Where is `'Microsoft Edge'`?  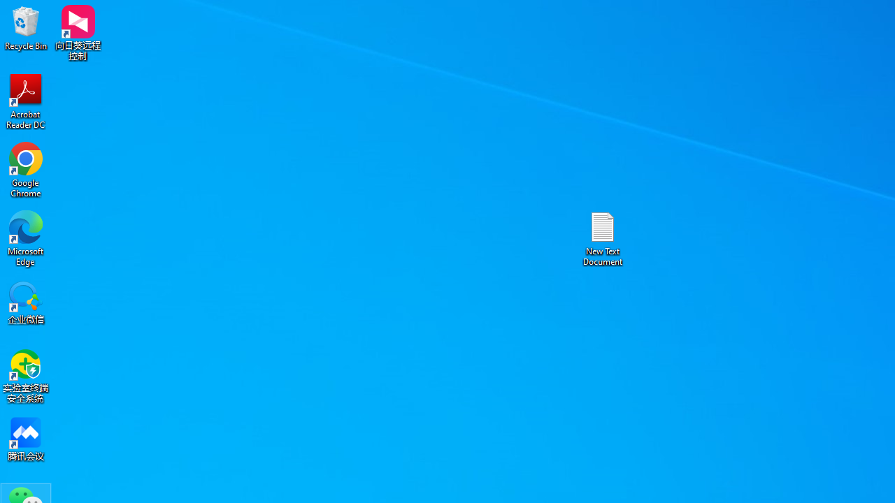
'Microsoft Edge' is located at coordinates (26, 238).